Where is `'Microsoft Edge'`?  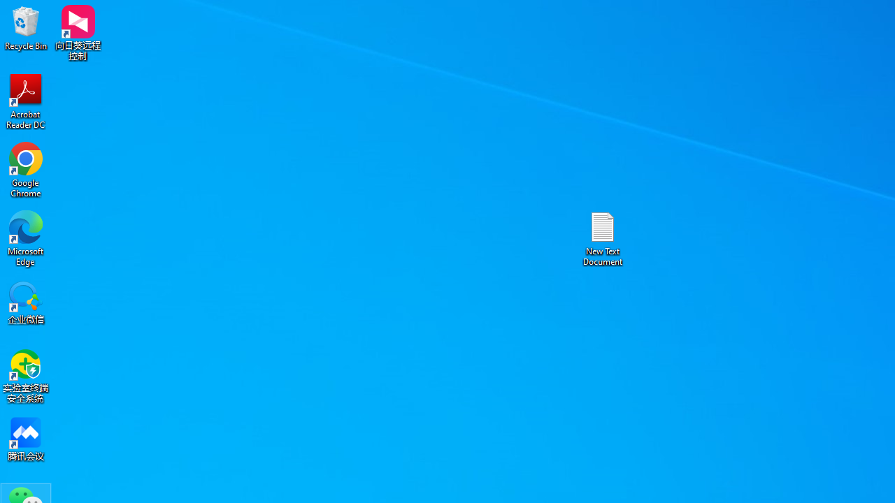
'Microsoft Edge' is located at coordinates (26, 238).